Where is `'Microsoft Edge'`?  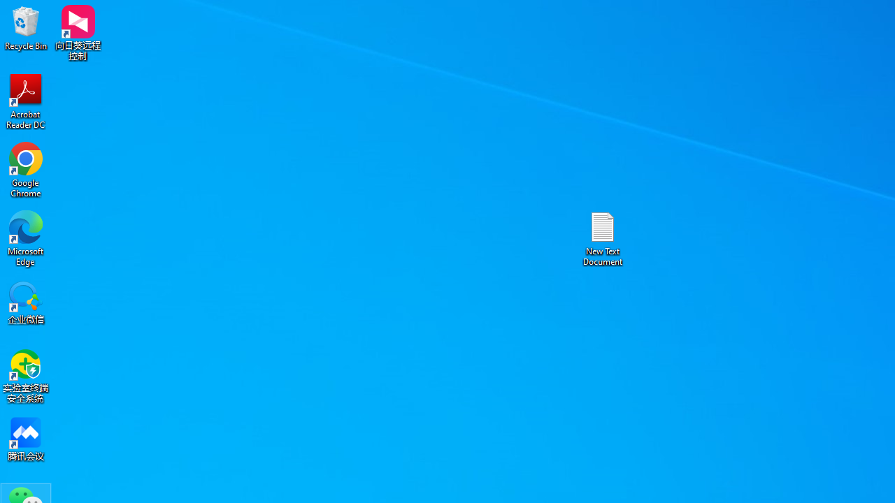
'Microsoft Edge' is located at coordinates (26, 238).